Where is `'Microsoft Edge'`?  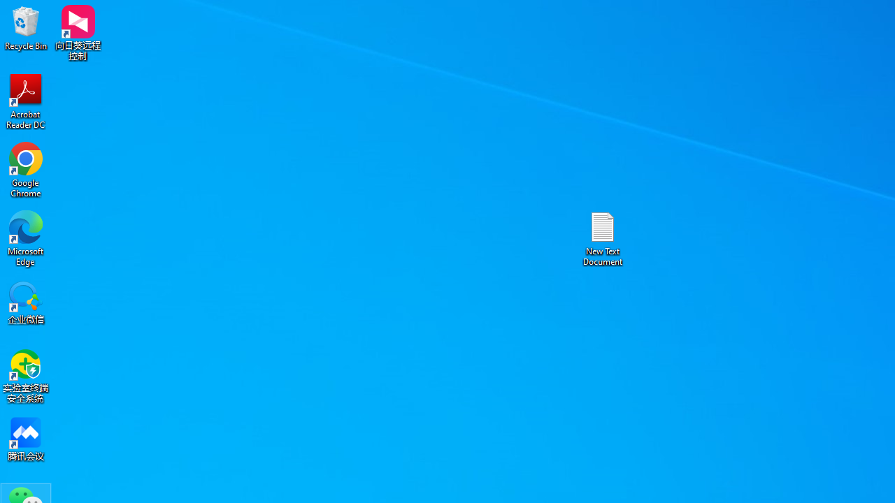
'Microsoft Edge' is located at coordinates (26, 238).